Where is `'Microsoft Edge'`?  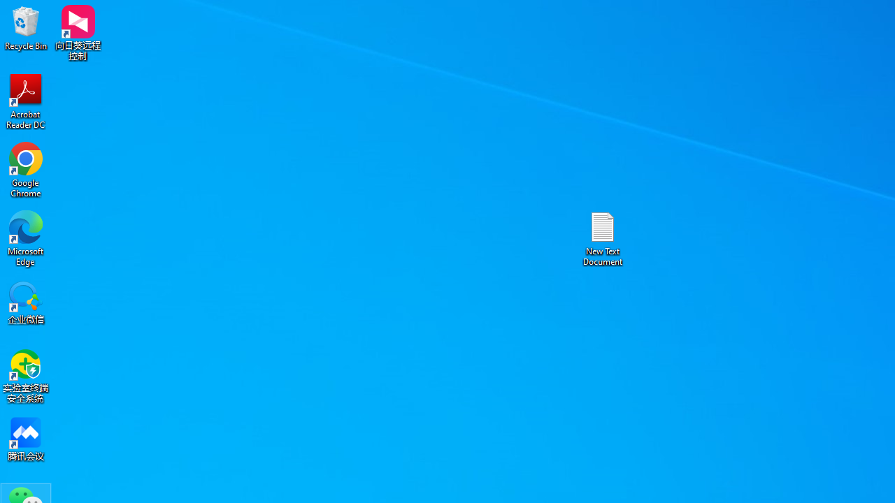
'Microsoft Edge' is located at coordinates (26, 238).